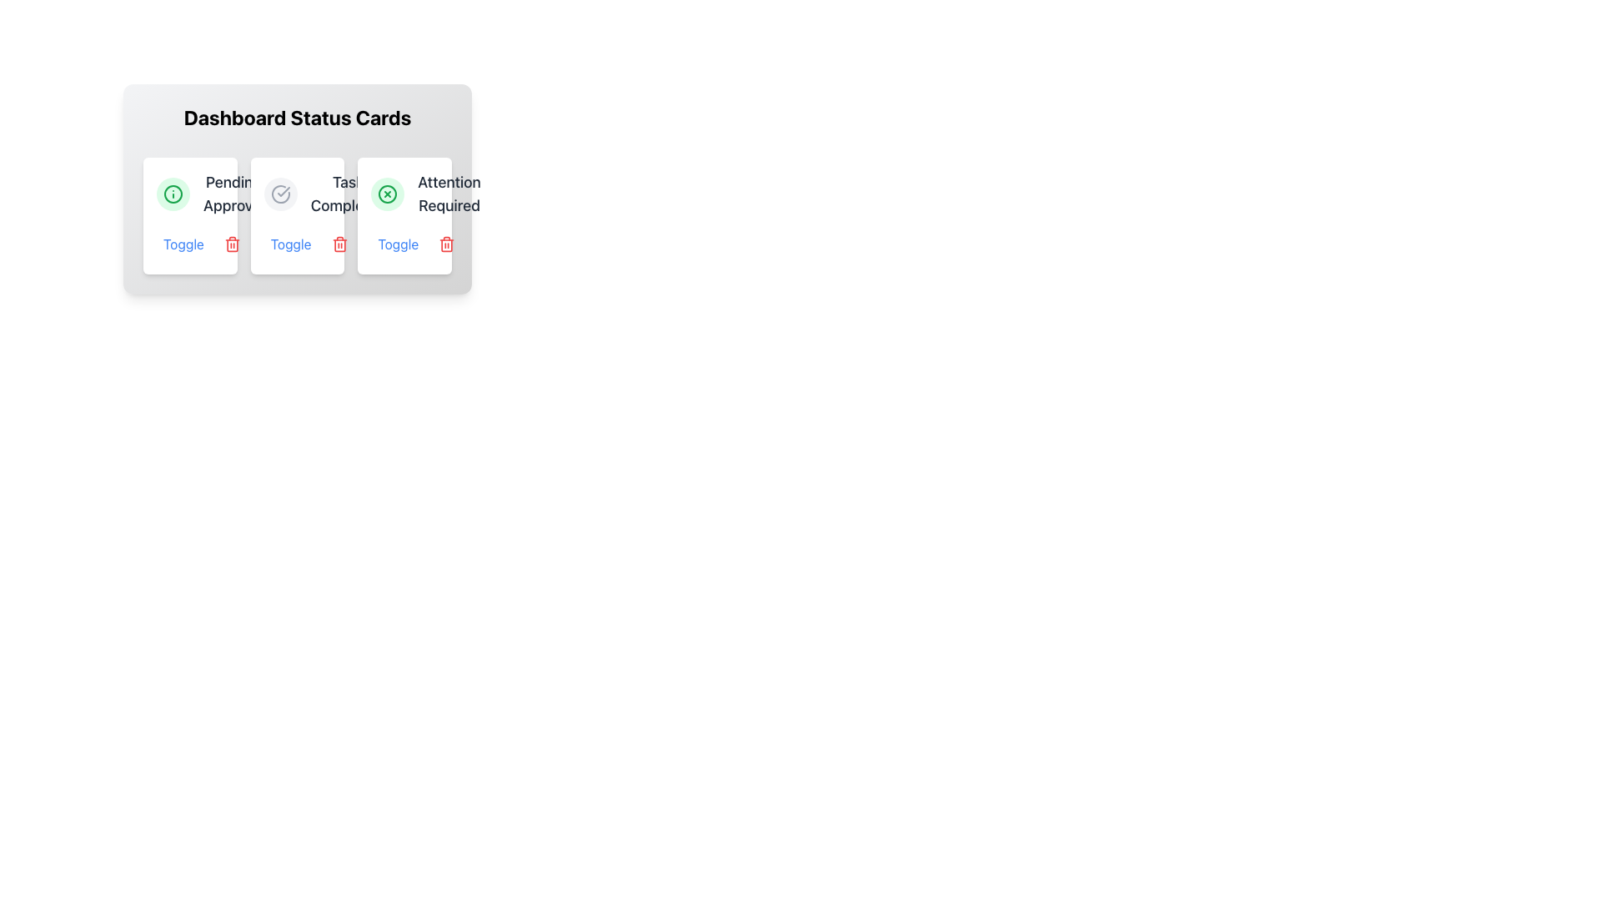 The image size is (1601, 901). What do you see at coordinates (190, 244) in the screenshot?
I see `the button located under the 'Pending Approval' text and a green circular icon in the first card of the 'Dashboard Status Cards'` at bounding box center [190, 244].